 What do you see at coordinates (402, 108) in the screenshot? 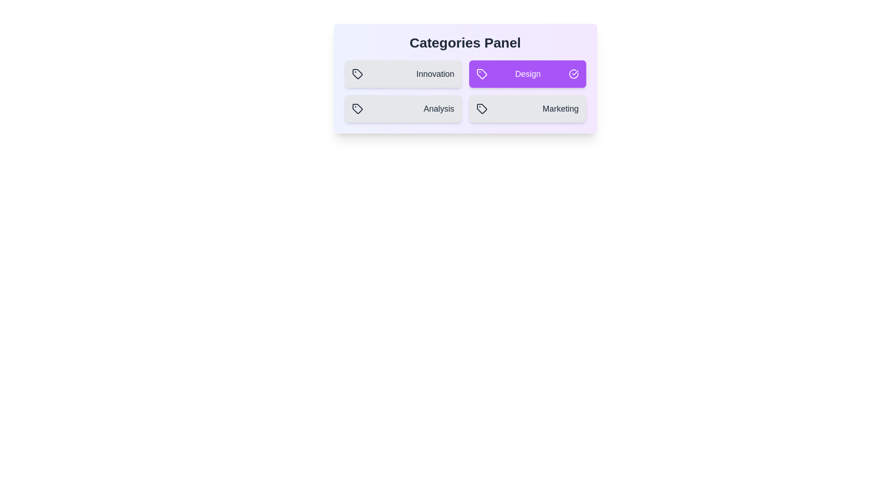
I see `the category Analysis` at bounding box center [402, 108].